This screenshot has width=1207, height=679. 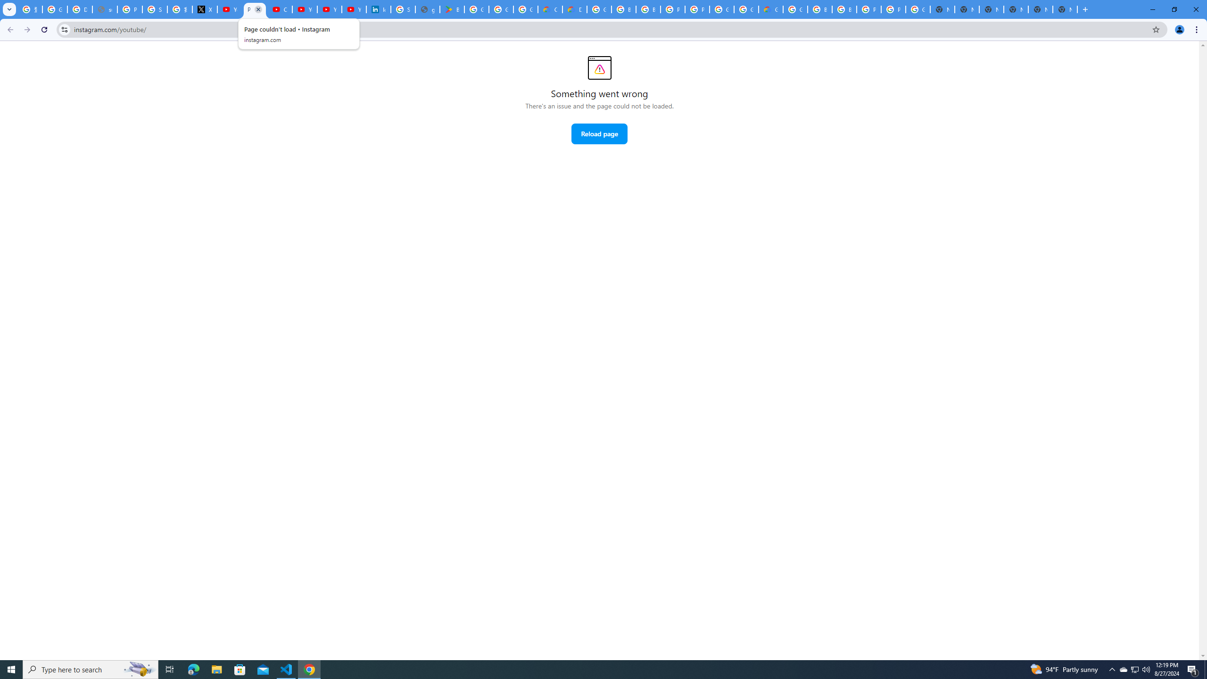 I want to click on 'Bluey: Let', so click(x=451, y=9).